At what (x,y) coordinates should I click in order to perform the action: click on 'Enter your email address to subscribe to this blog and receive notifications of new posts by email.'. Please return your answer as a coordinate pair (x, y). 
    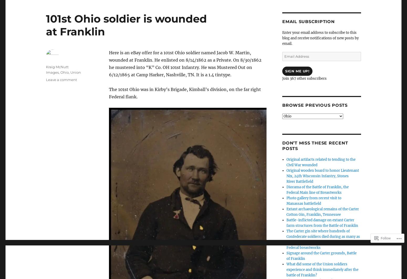
    Looking at the image, I should click on (320, 38).